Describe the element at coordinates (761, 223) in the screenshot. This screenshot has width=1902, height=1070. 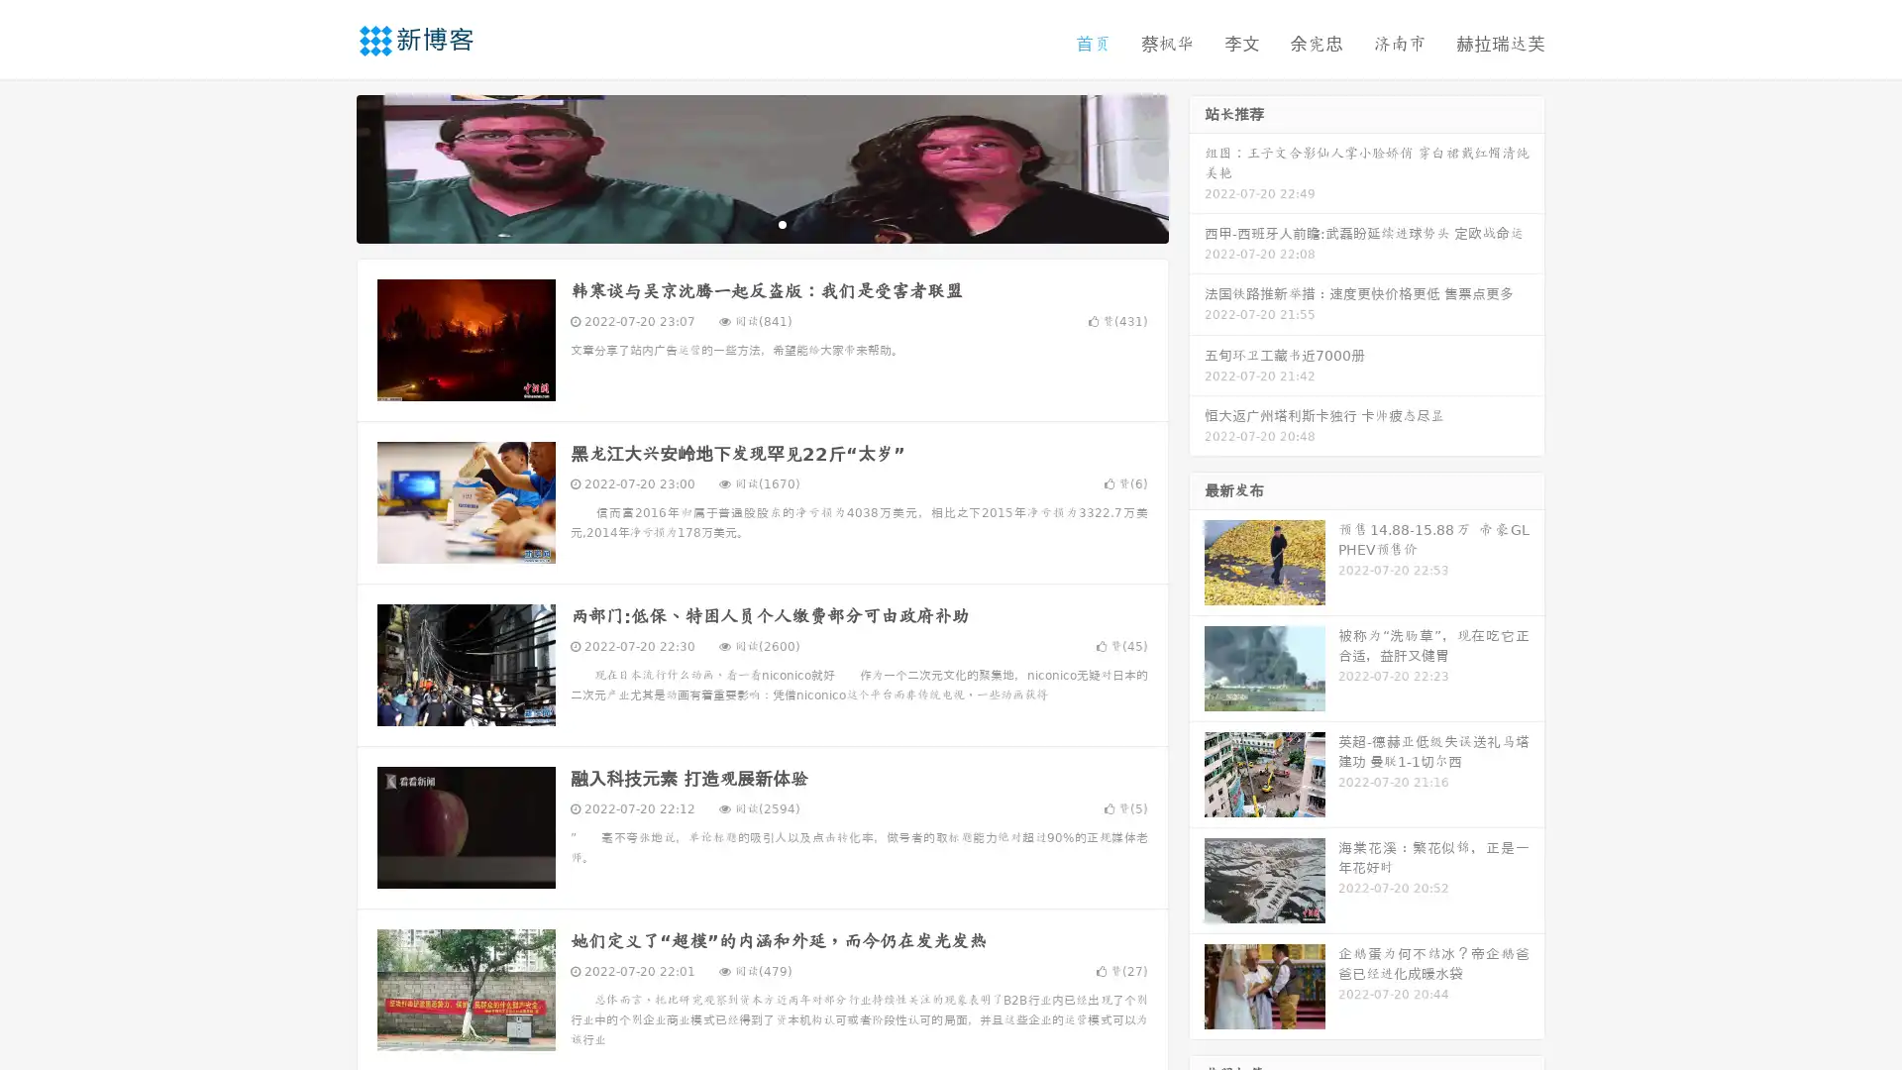
I see `Go to slide 2` at that location.